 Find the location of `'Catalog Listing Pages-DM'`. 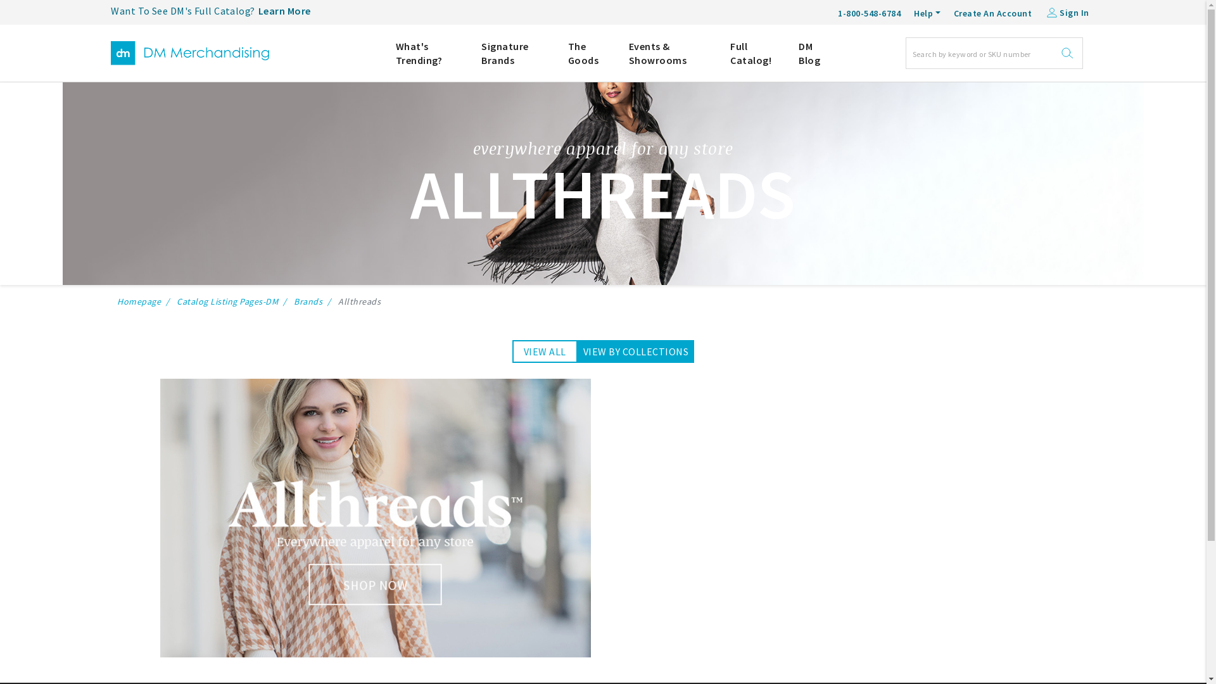

'Catalog Listing Pages-DM' is located at coordinates (175, 301).